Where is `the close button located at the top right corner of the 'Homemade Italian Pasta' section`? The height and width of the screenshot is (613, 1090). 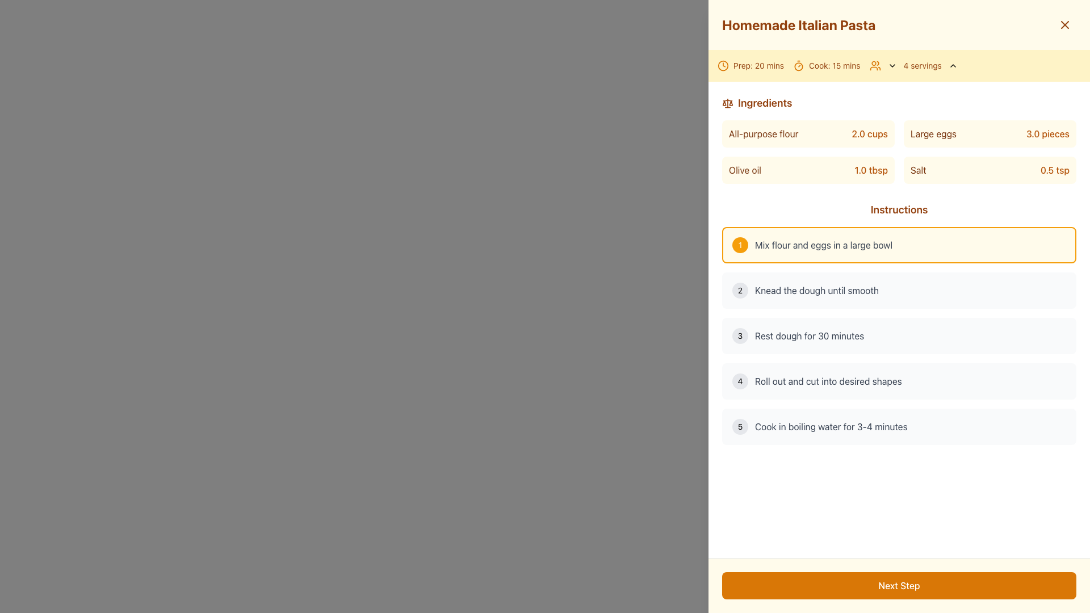
the close button located at the top right corner of the 'Homemade Italian Pasta' section is located at coordinates (1064, 24).